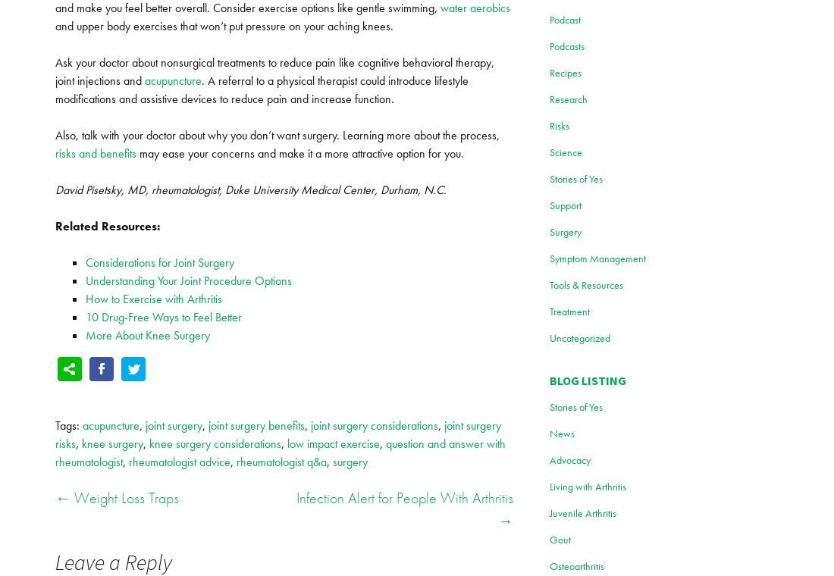 The image size is (834, 576). What do you see at coordinates (281, 452) in the screenshot?
I see `'question and answer with rheumatologist'` at bounding box center [281, 452].